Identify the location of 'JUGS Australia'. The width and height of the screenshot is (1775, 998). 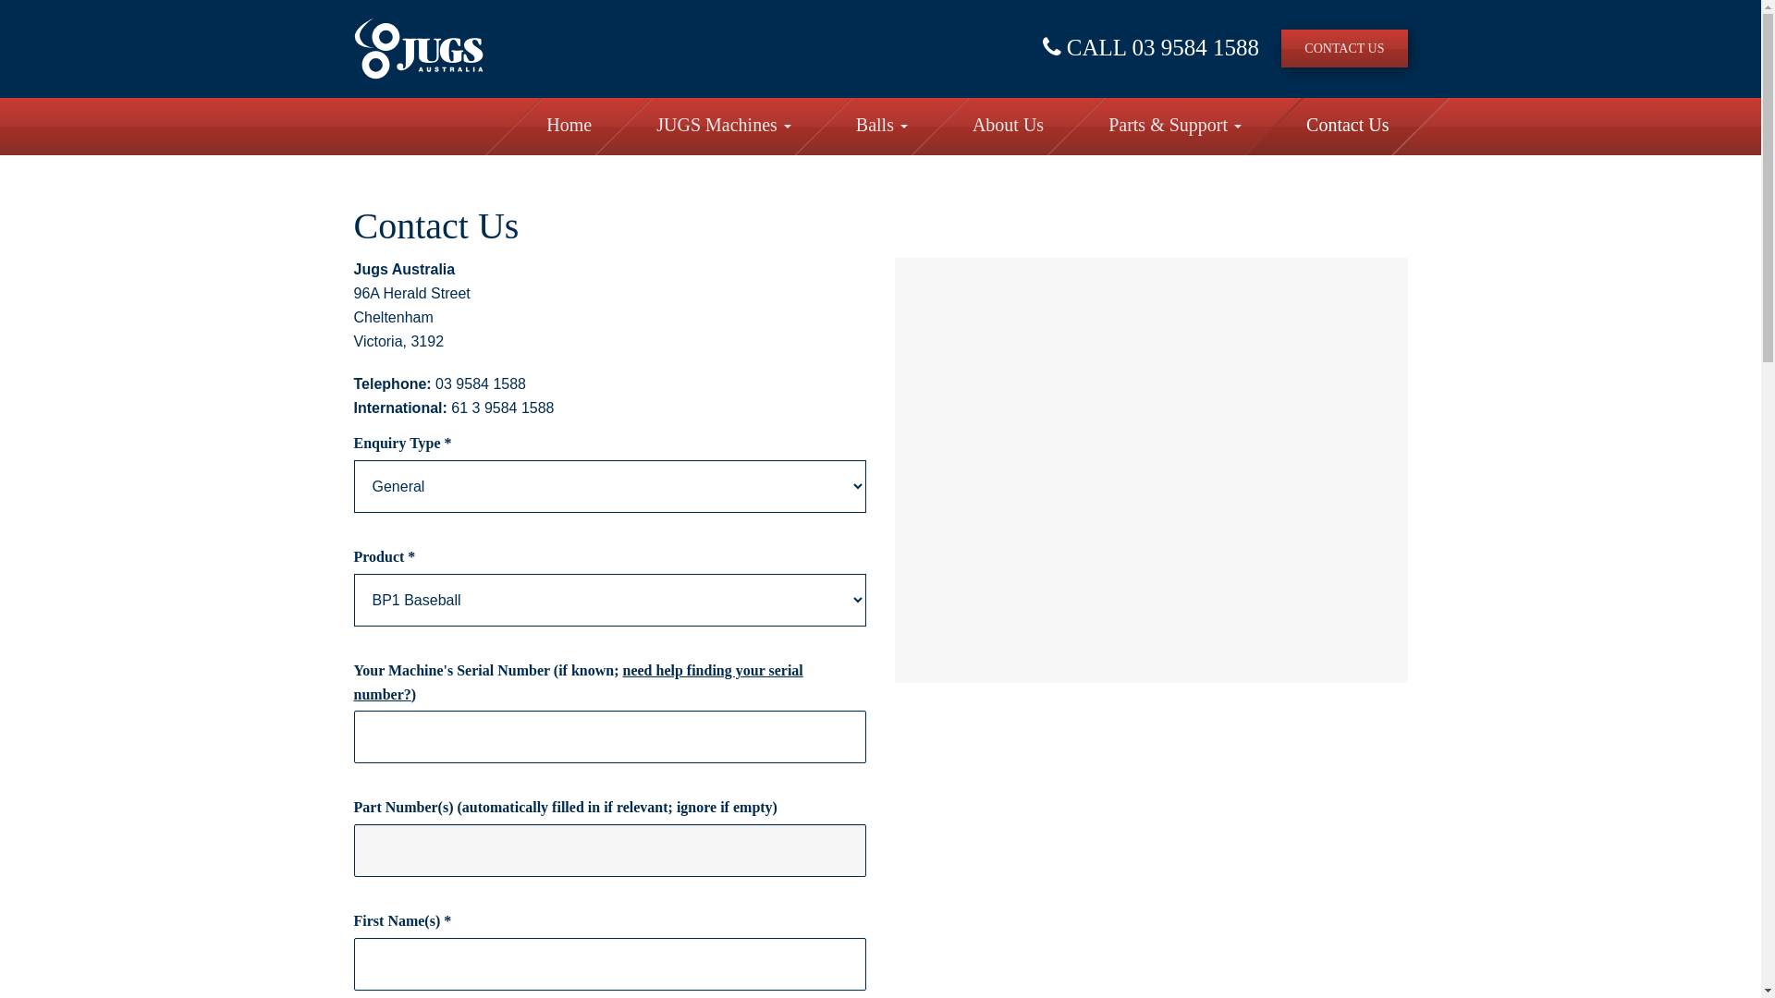
(416, 47).